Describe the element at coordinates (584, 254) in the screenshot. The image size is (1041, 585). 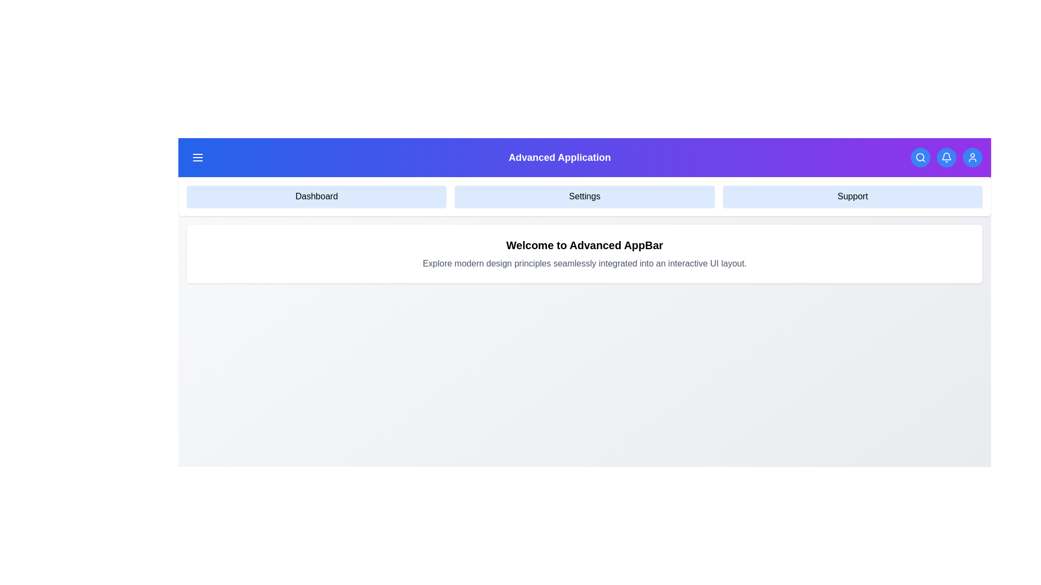
I see `the welcome message text area` at that location.